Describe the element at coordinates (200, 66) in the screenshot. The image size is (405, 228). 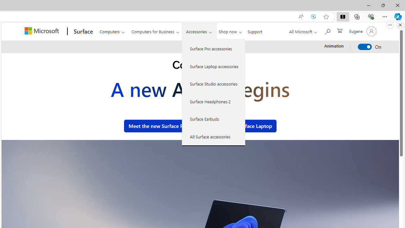
I see `'Copilot+ PC.'` at that location.